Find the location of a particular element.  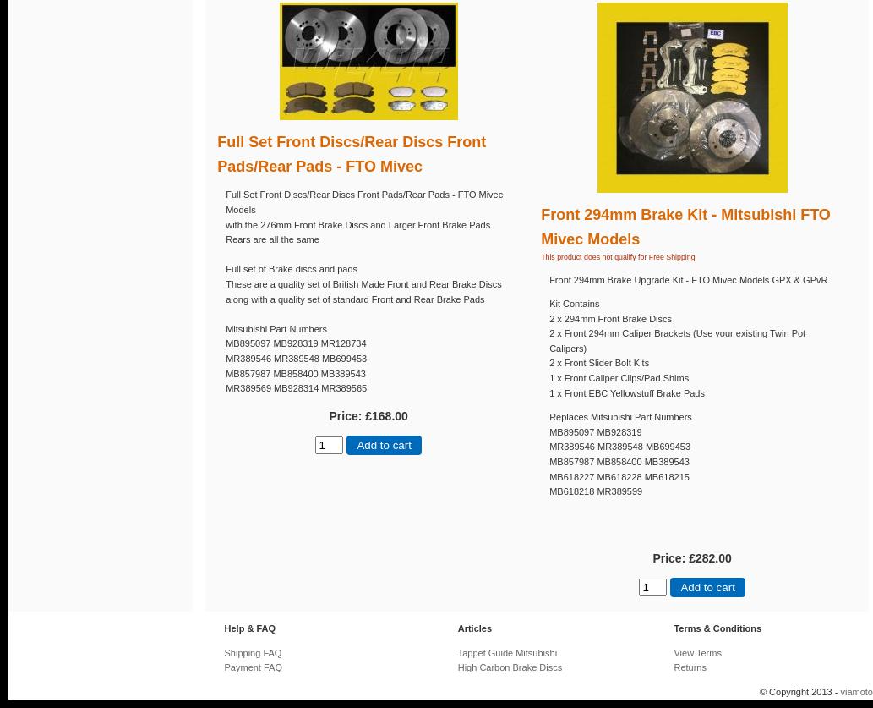

'Rears are all the same' is located at coordinates (270, 239).